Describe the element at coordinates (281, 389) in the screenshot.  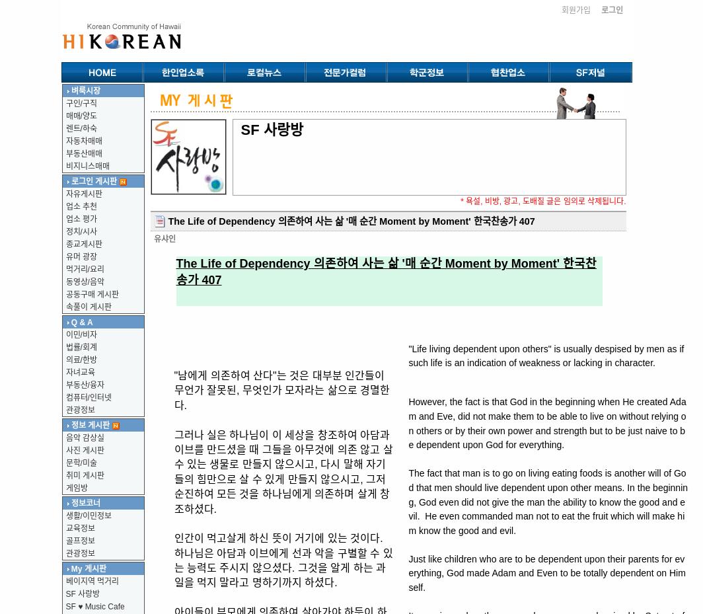
I see `'"남에게 의존하여 산다"는 것은 대부분 인간들이 무언가 잘못된, 무엇인가 										모자라는 삶으로 경멸한다.'` at that location.